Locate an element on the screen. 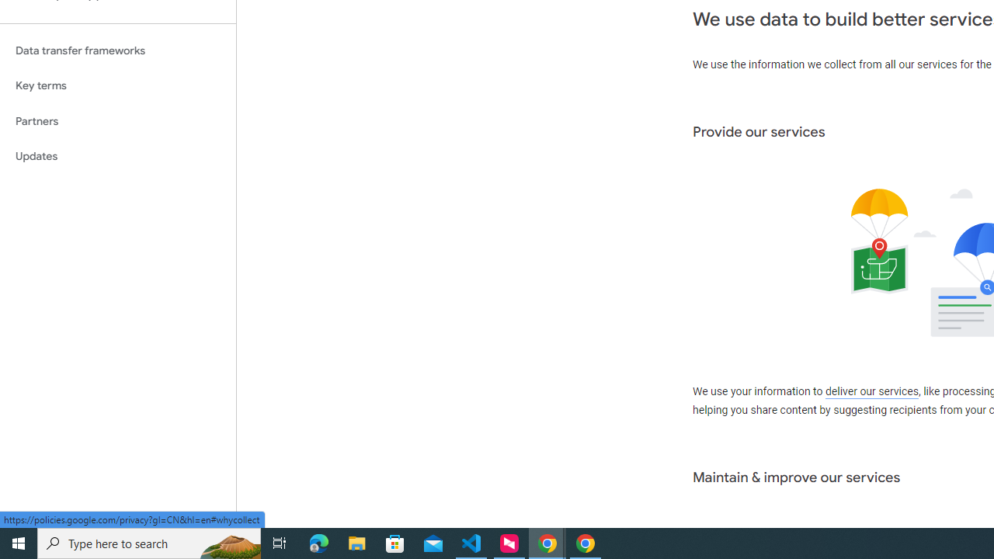 Image resolution: width=994 pixels, height=559 pixels. 'deliver our services' is located at coordinates (871, 391).